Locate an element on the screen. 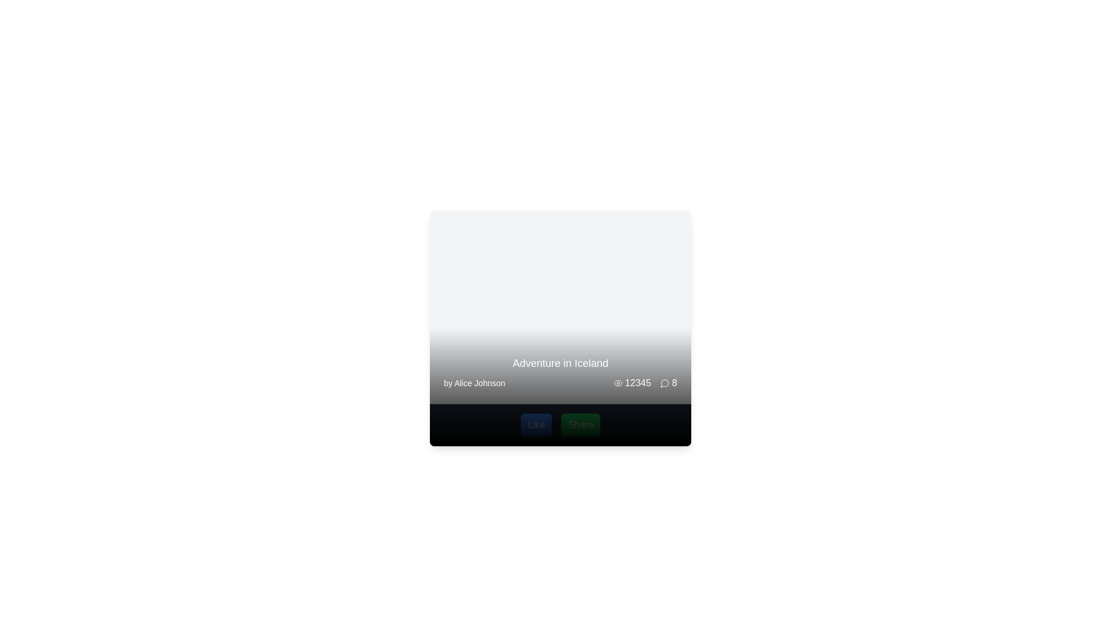 The image size is (1120, 630). the comment icon with the number '8' adjacent to it, located at the bottom right corner of the card is located at coordinates (668, 383).